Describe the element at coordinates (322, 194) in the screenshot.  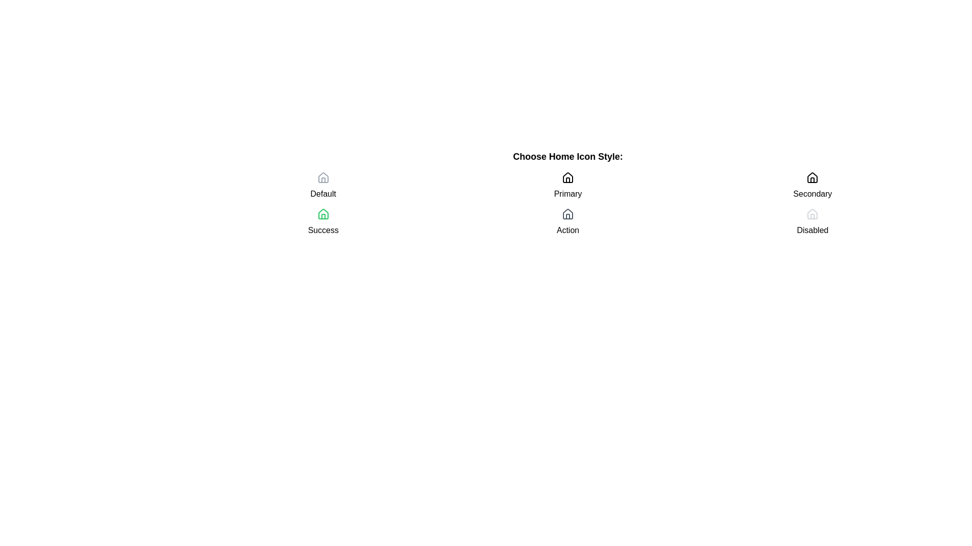
I see `the text label that reads 'Default' in bold black font, positioned between a gray house icon and a green house icon labeled 'Success'` at that location.